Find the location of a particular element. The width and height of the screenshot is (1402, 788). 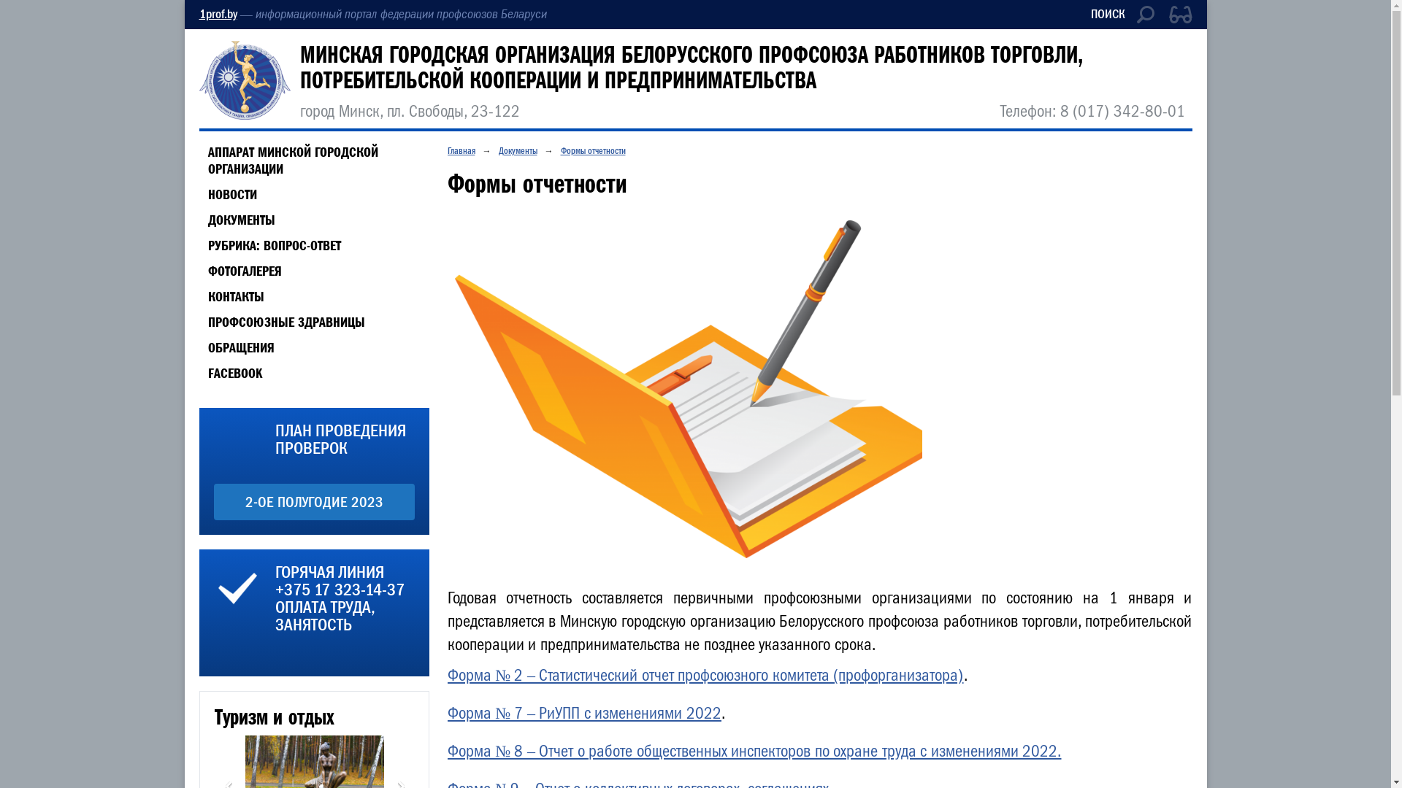

'FACEBOOK' is located at coordinates (229, 372).